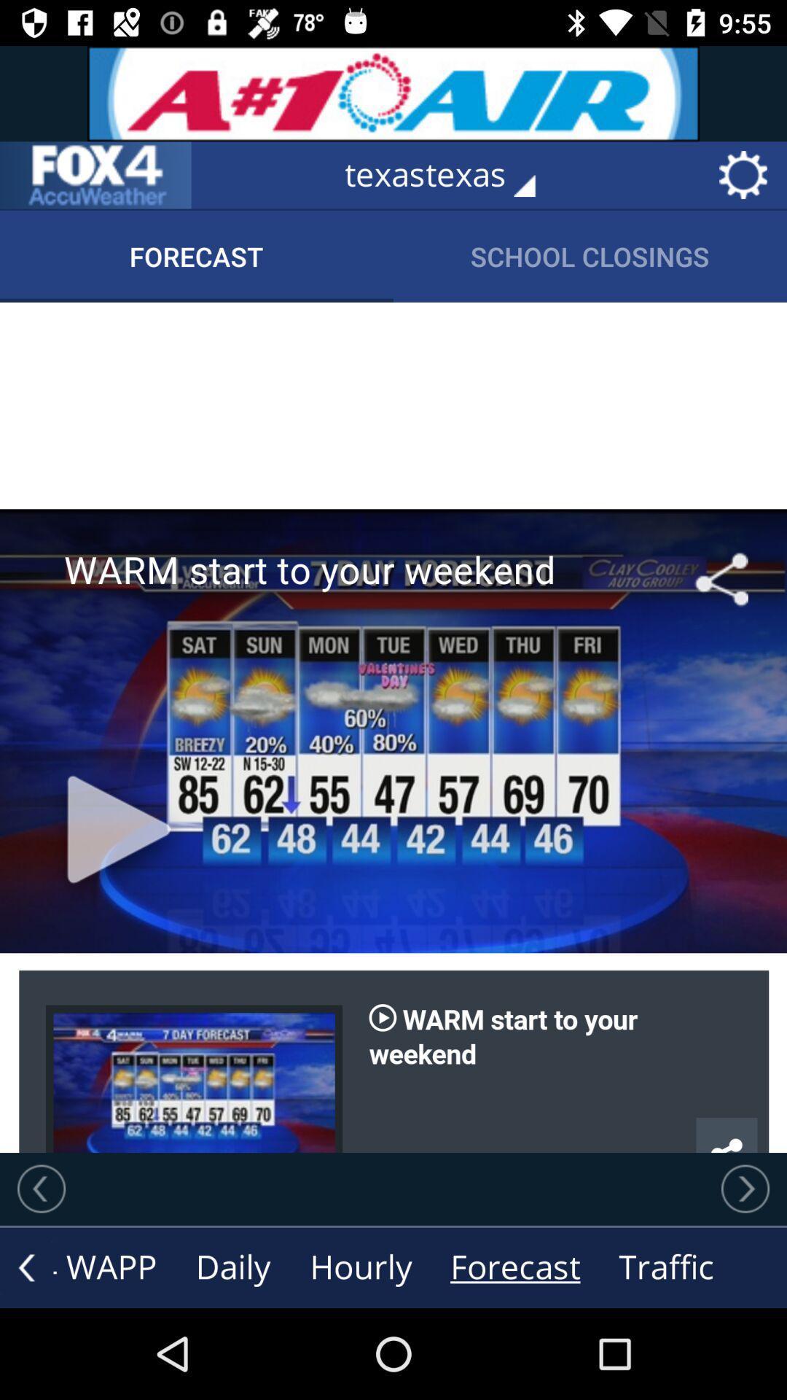 The image size is (787, 1400). Describe the element at coordinates (26, 1267) in the screenshot. I see `see more options` at that location.